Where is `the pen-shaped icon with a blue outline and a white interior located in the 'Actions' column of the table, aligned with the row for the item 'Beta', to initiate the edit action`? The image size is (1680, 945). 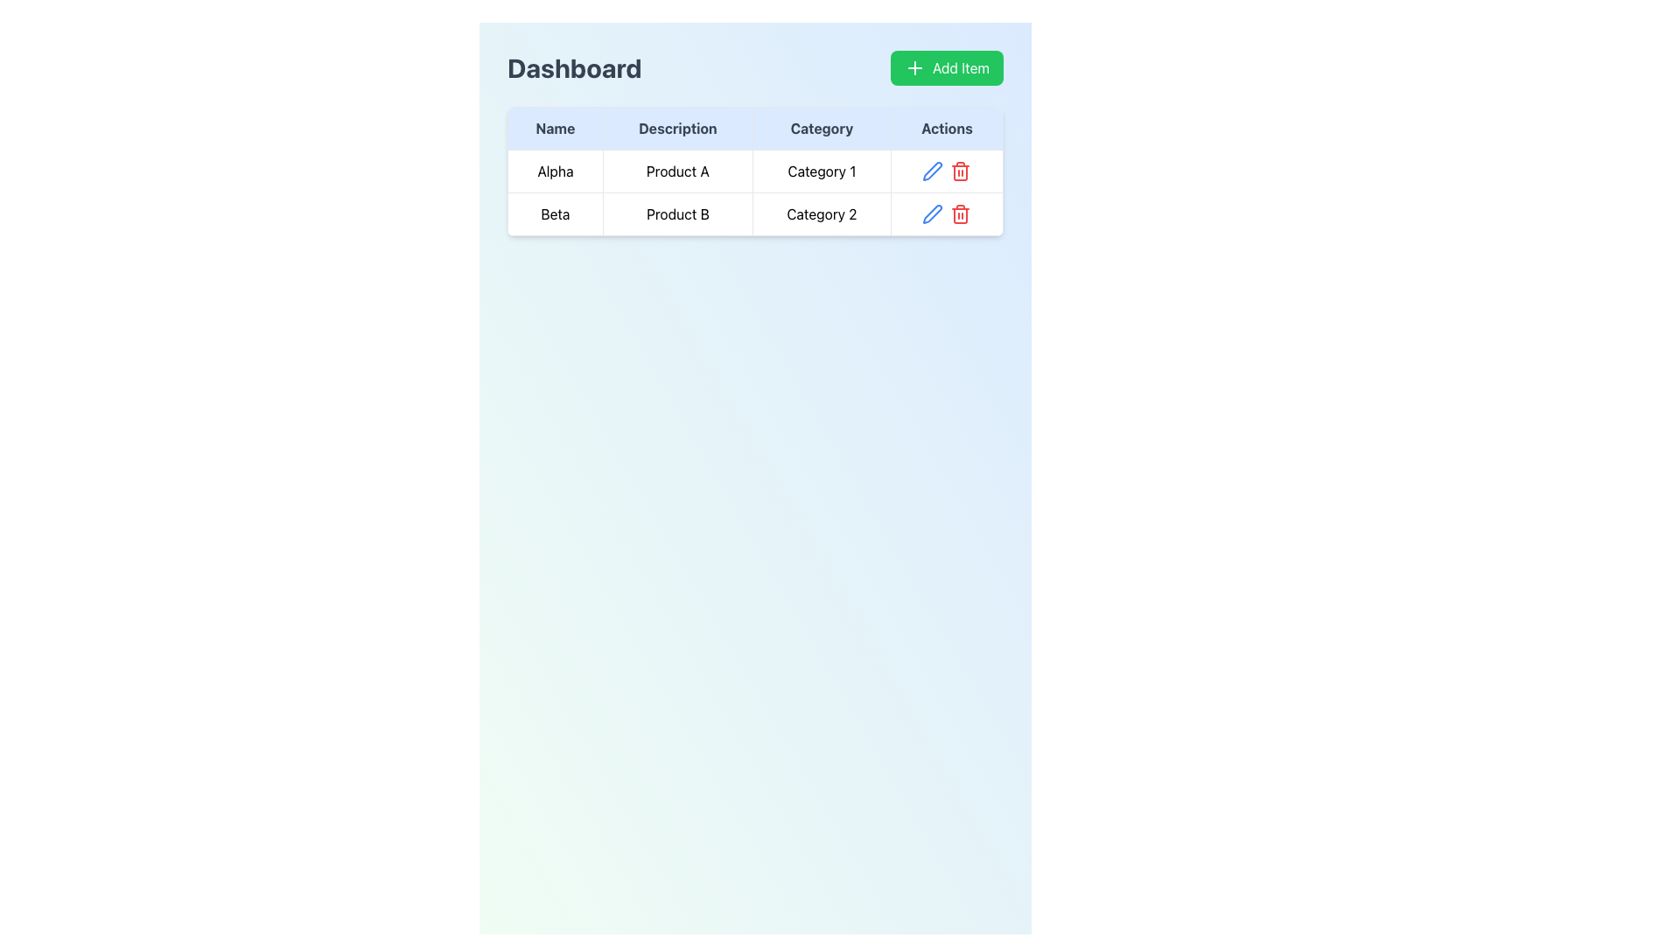 the pen-shaped icon with a blue outline and a white interior located in the 'Actions' column of the table, aligned with the row for the item 'Beta', to initiate the edit action is located at coordinates (932, 171).